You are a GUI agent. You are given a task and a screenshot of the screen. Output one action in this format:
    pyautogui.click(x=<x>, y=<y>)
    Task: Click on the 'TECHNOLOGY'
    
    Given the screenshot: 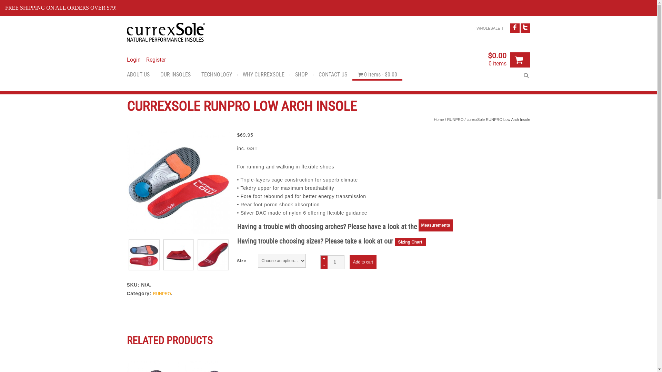 What is the action you would take?
    pyautogui.click(x=216, y=75)
    